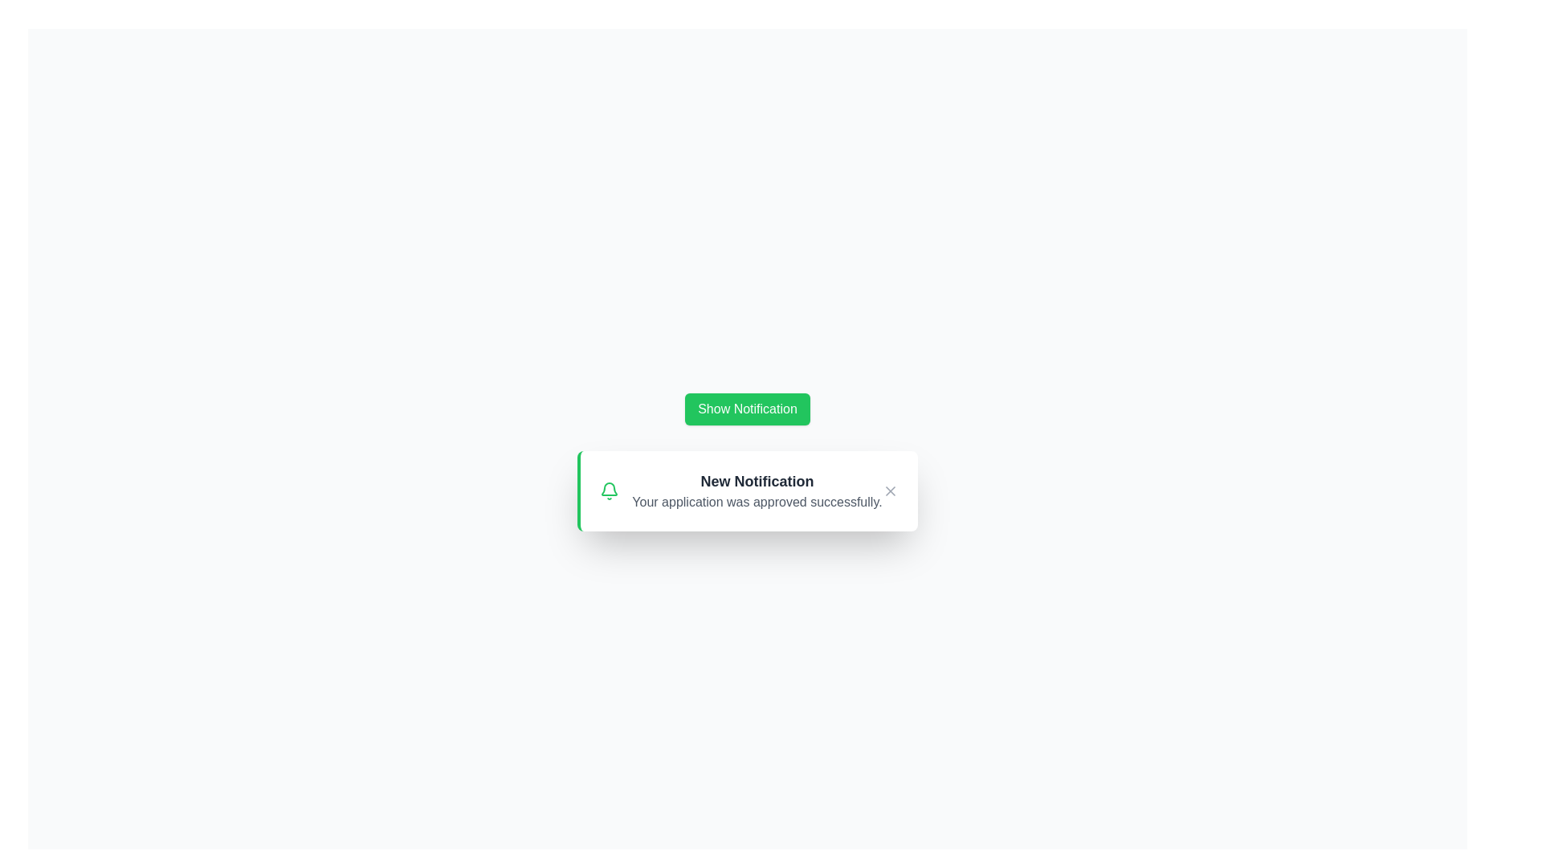 This screenshot has height=867, width=1542. I want to click on the green bell icon indicating notifications located at the top-left corner of the notification card, so click(609, 490).